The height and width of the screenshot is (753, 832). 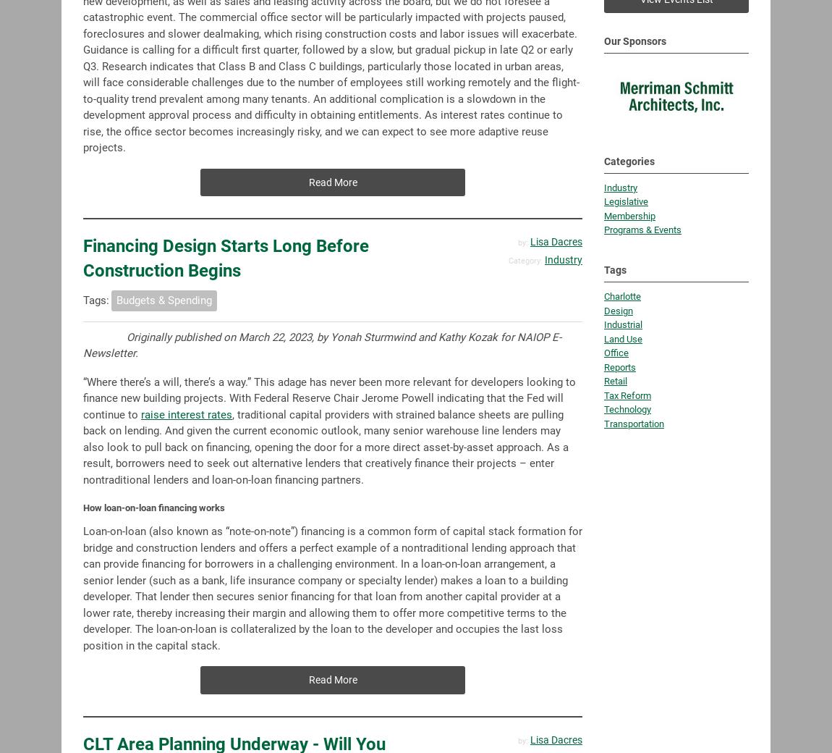 What do you see at coordinates (603, 339) in the screenshot?
I see `'Technology'` at bounding box center [603, 339].